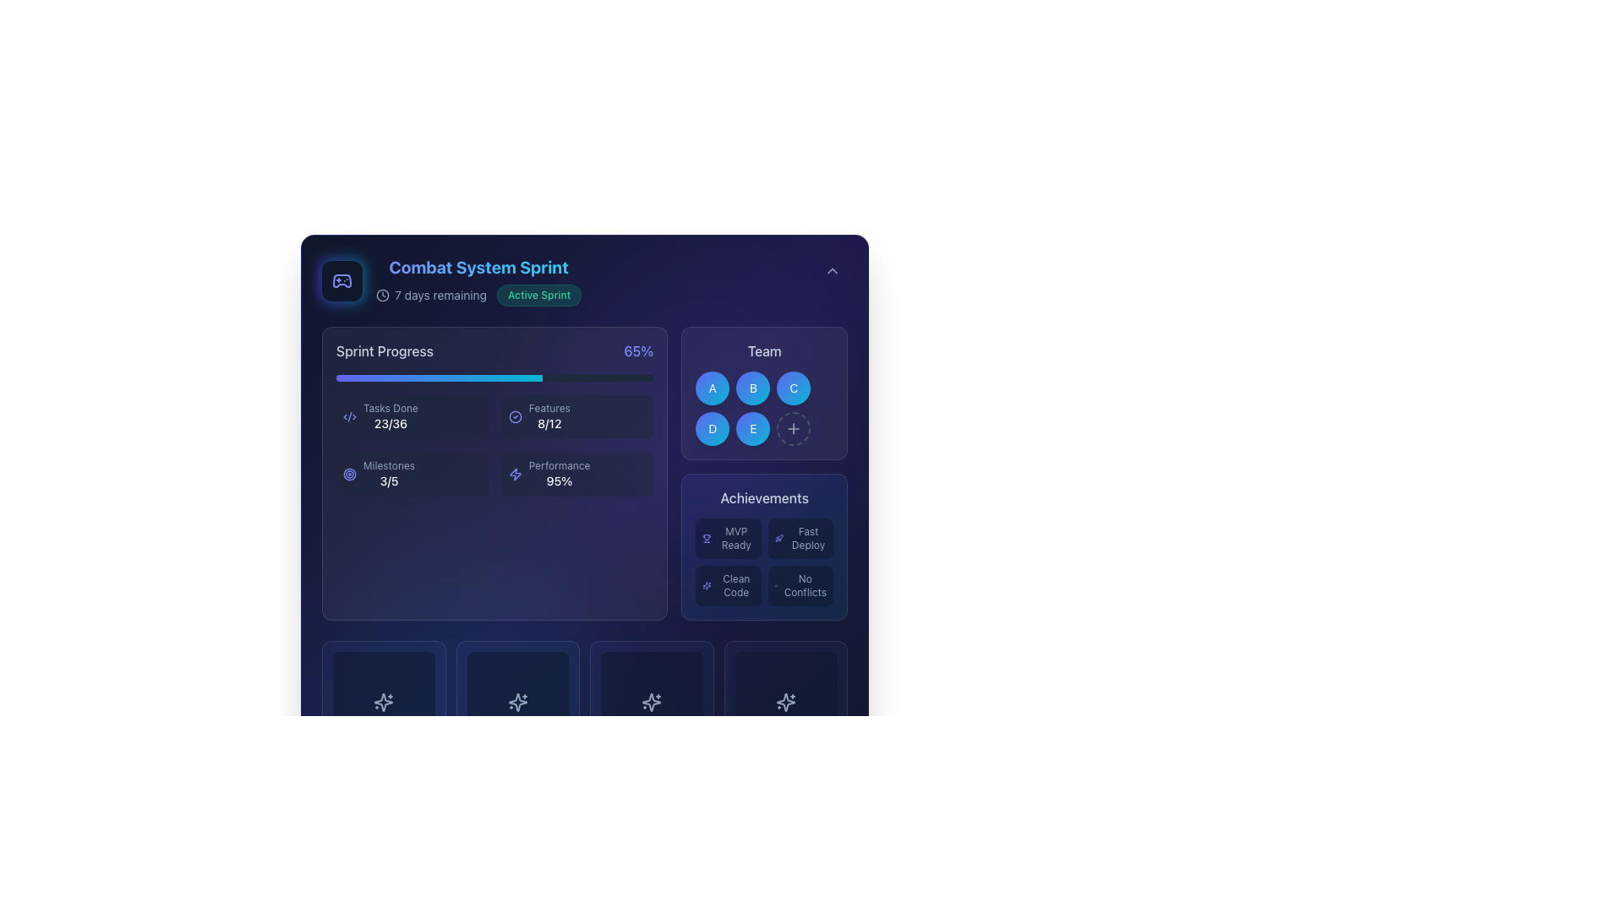 The image size is (1623, 912). Describe the element at coordinates (752, 388) in the screenshot. I see `the circular button with the white text 'B' that is part of the 'Team' group, located between buttons 'A' and 'C'` at that location.